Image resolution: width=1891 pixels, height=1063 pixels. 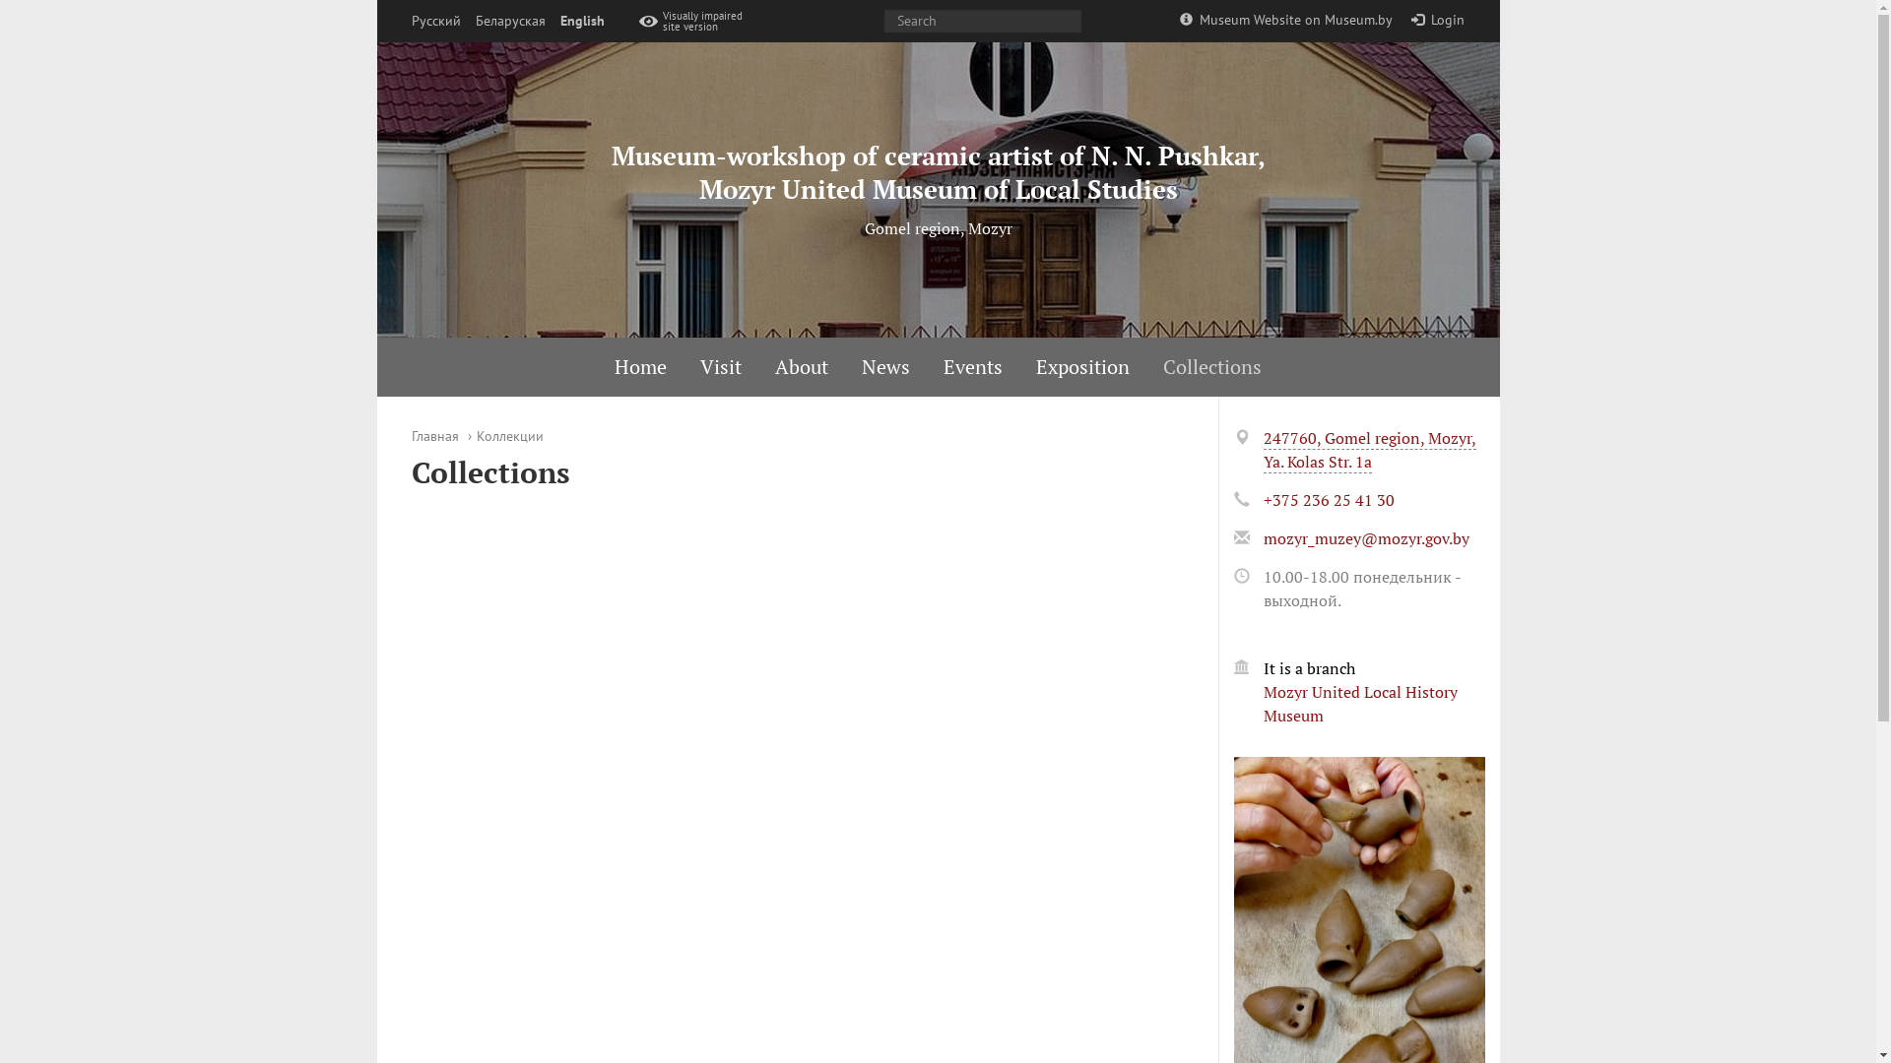 I want to click on 'About', so click(x=802, y=367).